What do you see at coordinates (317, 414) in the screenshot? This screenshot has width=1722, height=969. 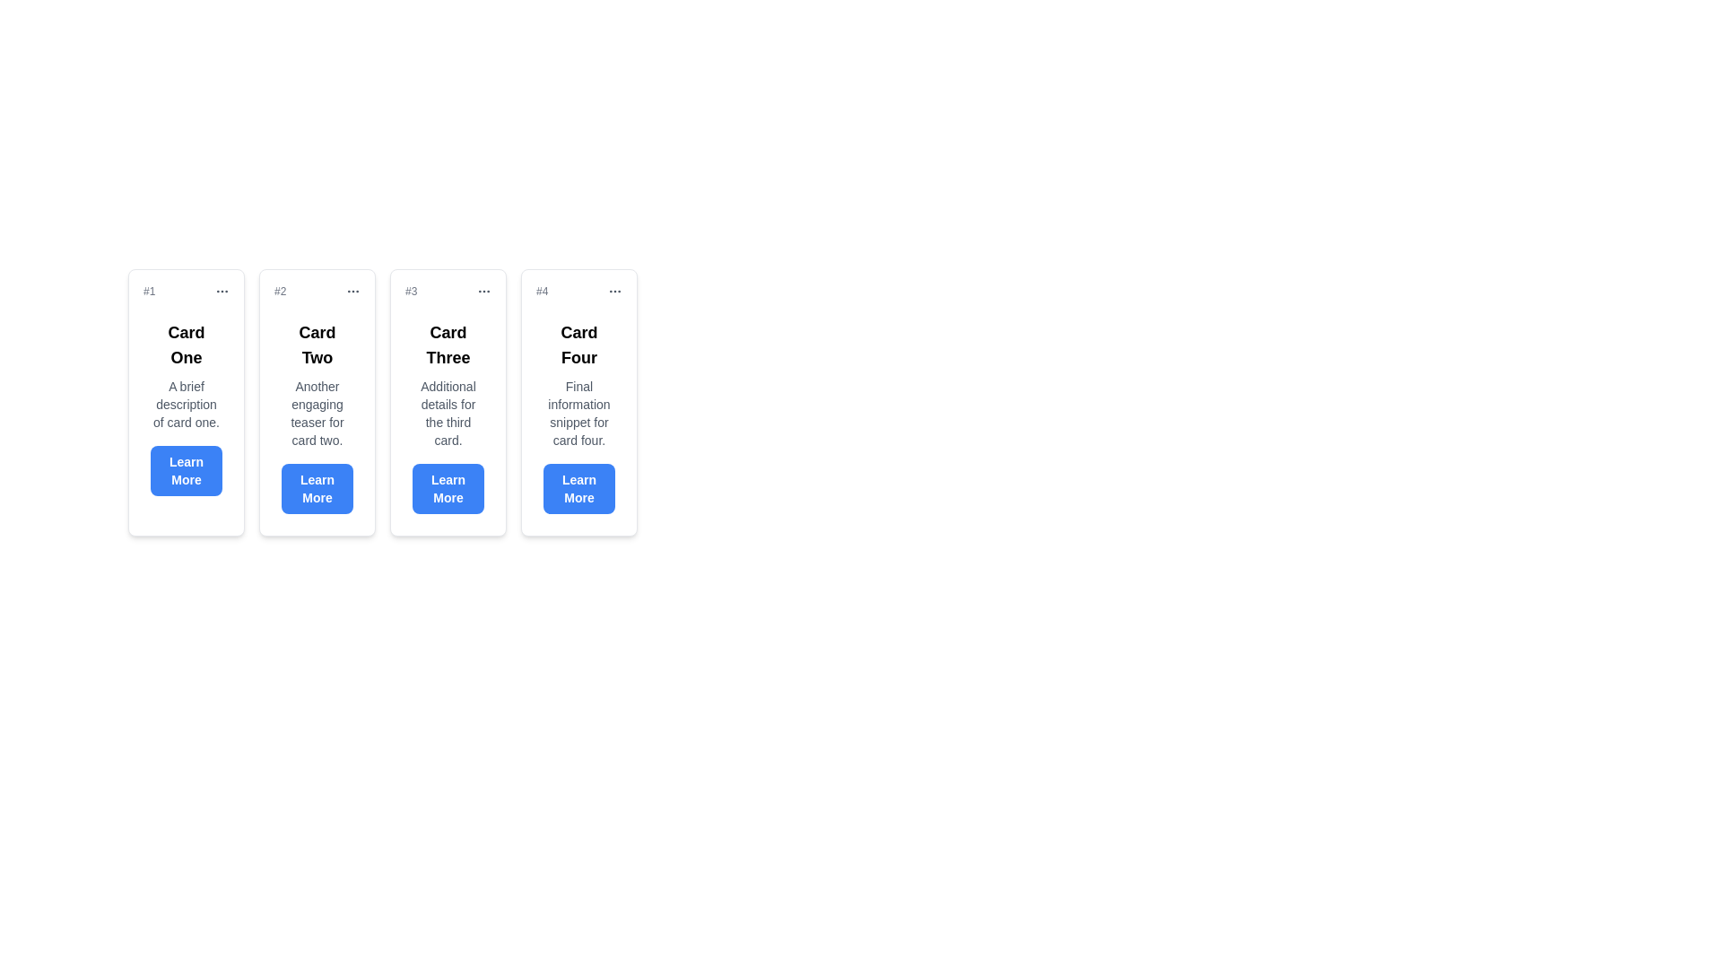 I see `text block located in 'Card Two', positioned below the card title and above the 'Learn More' button` at bounding box center [317, 414].